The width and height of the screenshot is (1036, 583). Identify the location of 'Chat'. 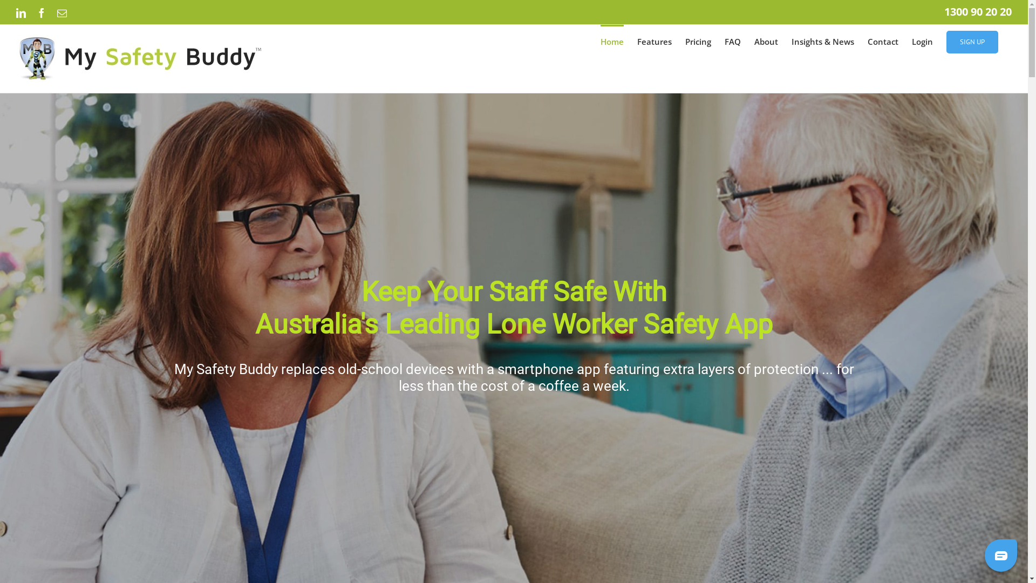
(982, 554).